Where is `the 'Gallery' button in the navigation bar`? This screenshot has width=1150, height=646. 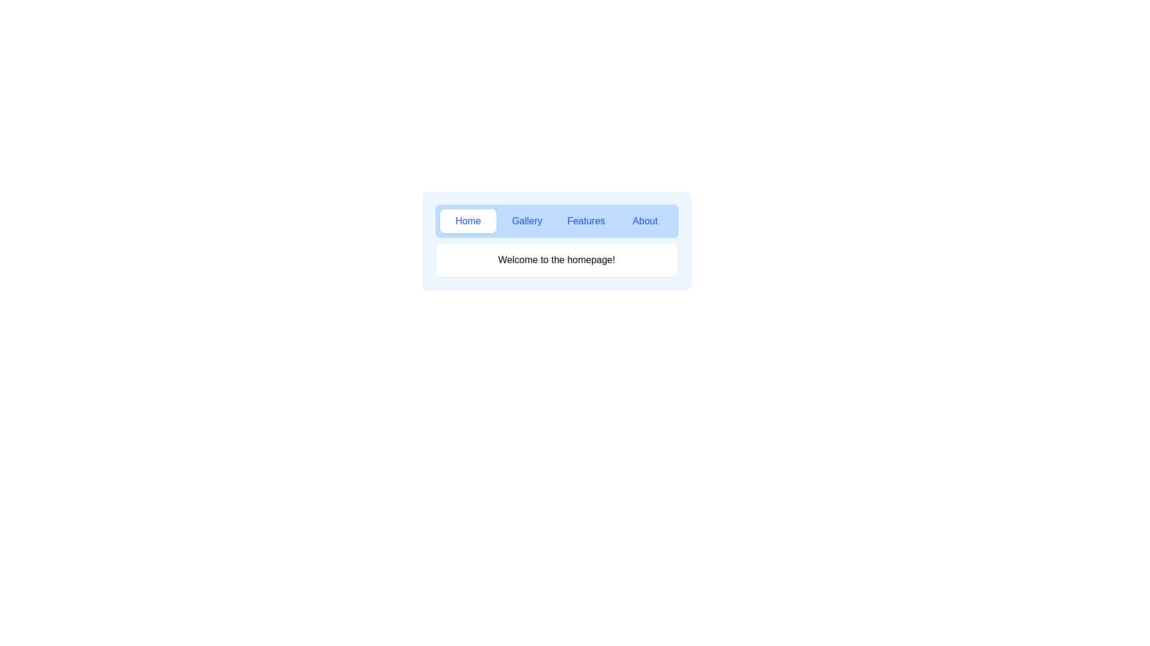 the 'Gallery' button in the navigation bar is located at coordinates (527, 221).